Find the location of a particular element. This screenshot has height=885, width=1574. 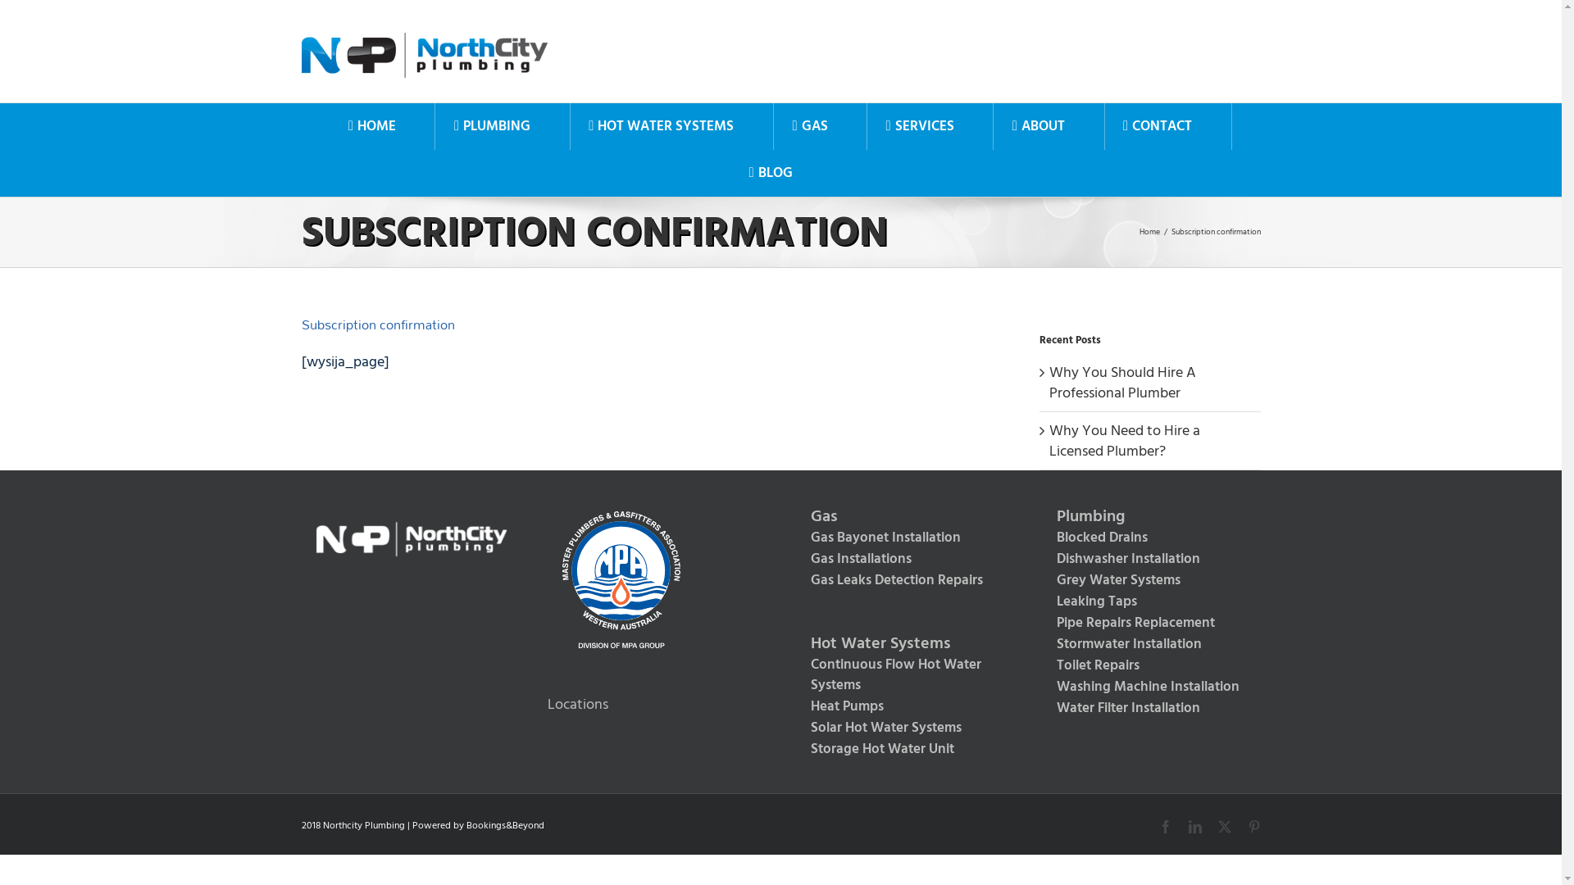

'Solar Hot Water Systems' is located at coordinates (903, 727).